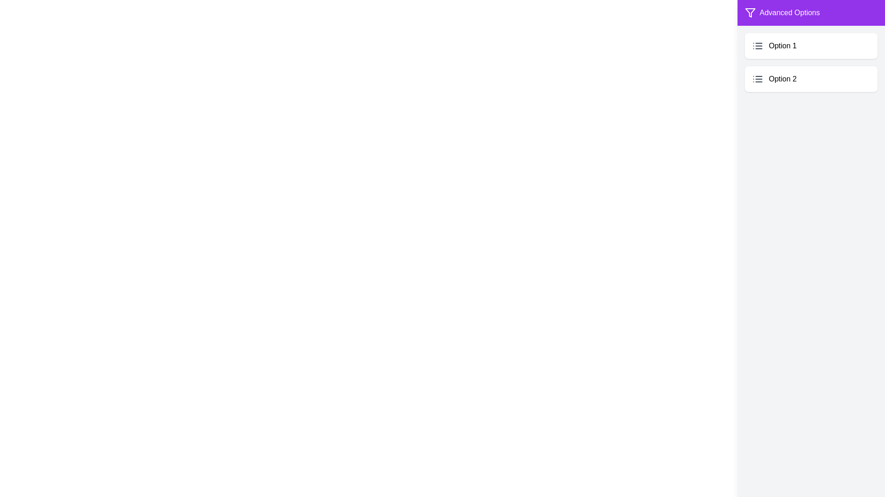 The height and width of the screenshot is (497, 885). I want to click on the close icon to close the drawer, so click(845, 19).